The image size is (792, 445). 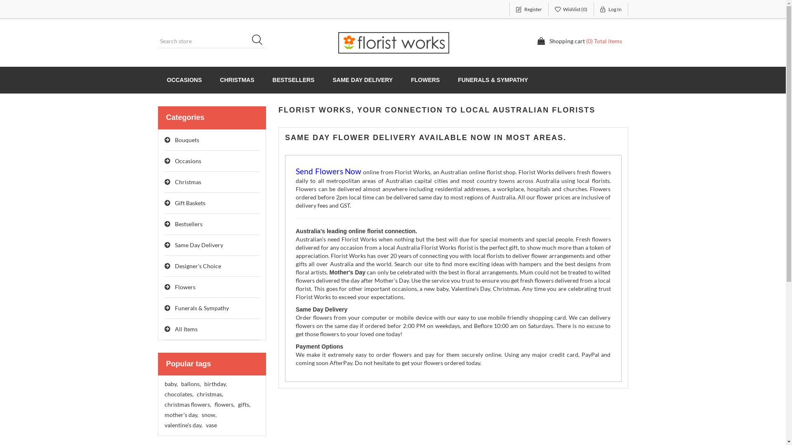 What do you see at coordinates (212, 182) in the screenshot?
I see `'Christmas'` at bounding box center [212, 182].